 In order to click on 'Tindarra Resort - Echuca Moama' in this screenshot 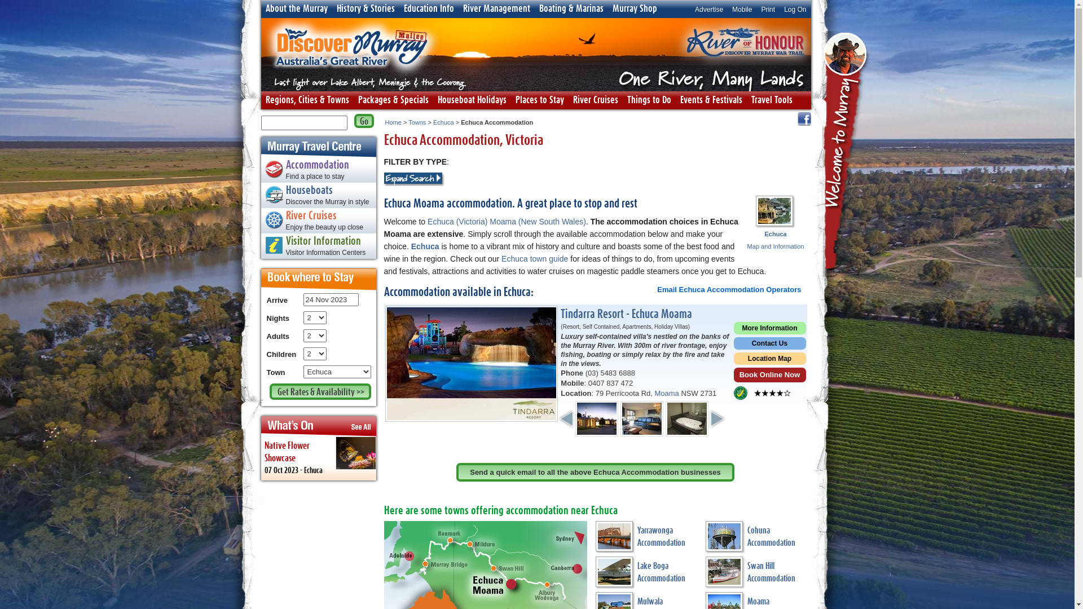, I will do `click(626, 314)`.